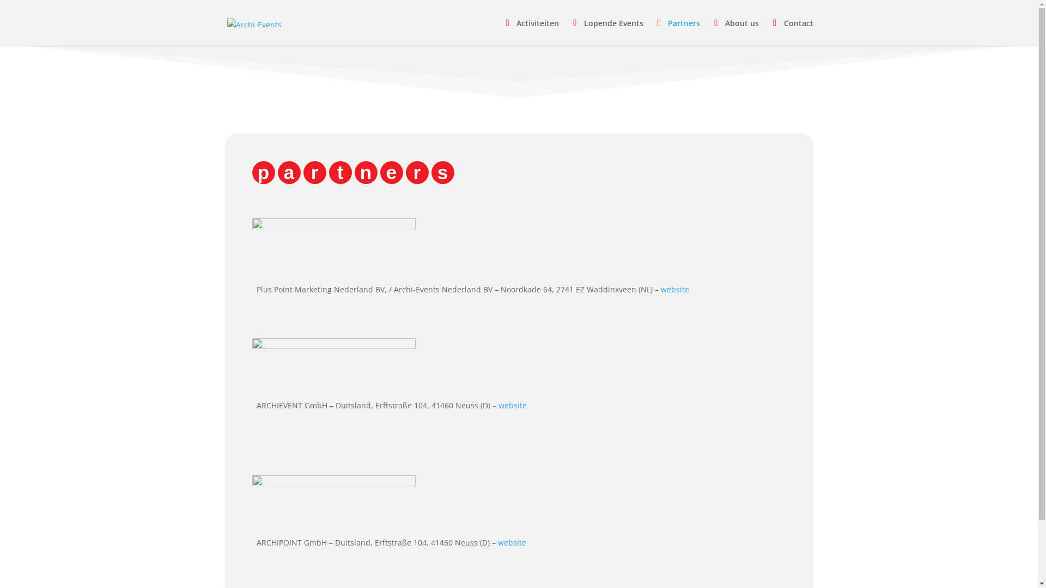 The image size is (1046, 588). I want to click on 'Lopende Events', so click(607, 31).